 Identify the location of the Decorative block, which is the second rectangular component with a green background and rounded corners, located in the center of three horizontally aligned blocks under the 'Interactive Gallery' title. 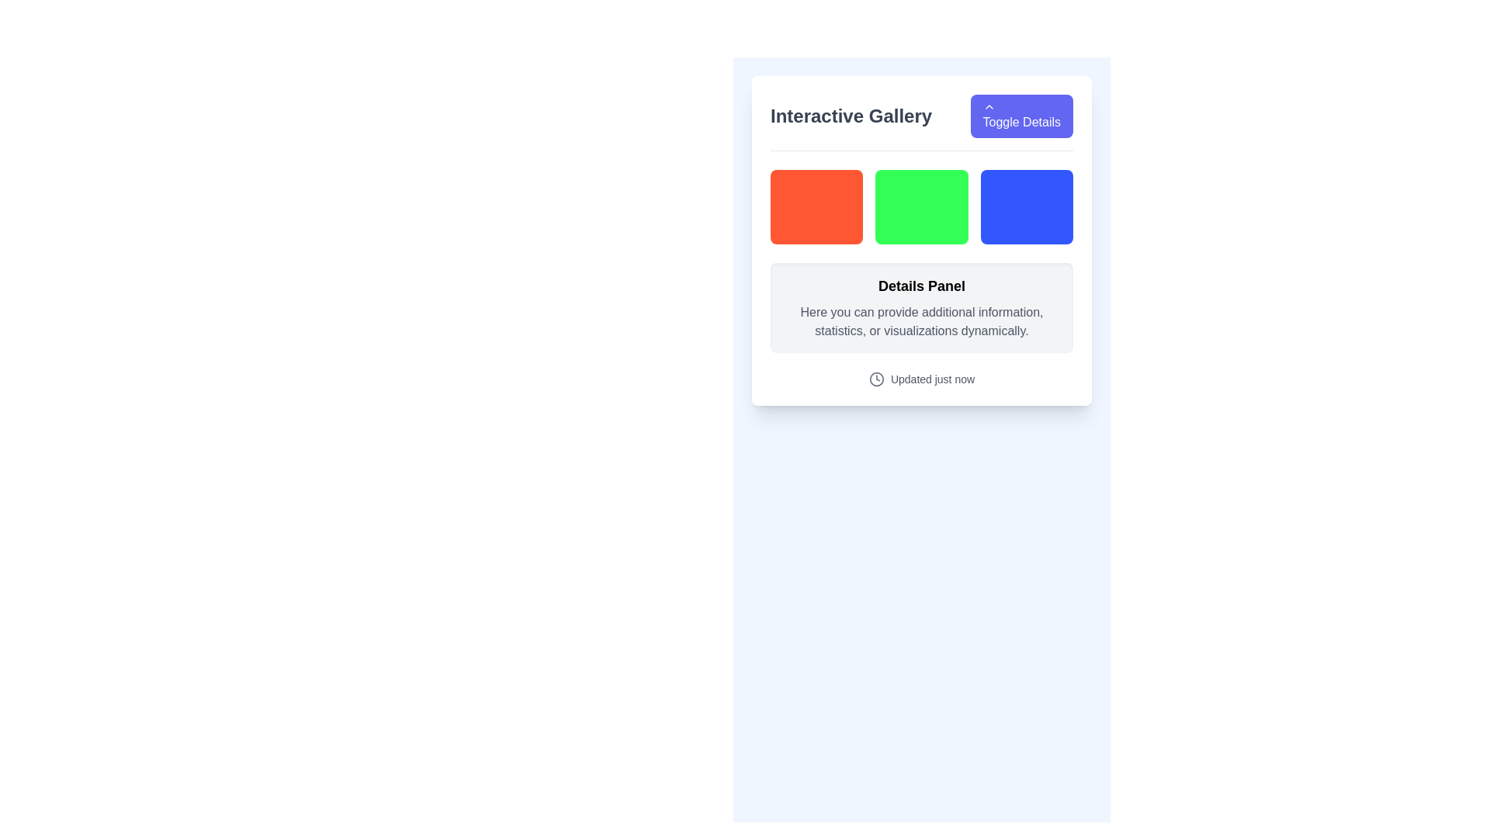
(921, 206).